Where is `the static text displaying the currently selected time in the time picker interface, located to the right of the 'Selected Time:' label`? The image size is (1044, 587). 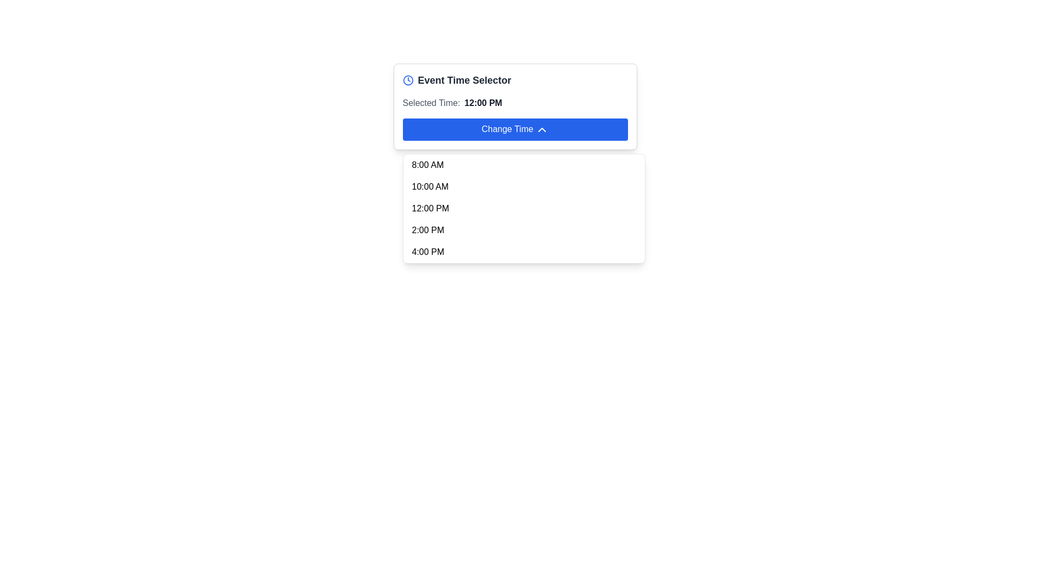
the static text displaying the currently selected time in the time picker interface, located to the right of the 'Selected Time:' label is located at coordinates (482, 103).